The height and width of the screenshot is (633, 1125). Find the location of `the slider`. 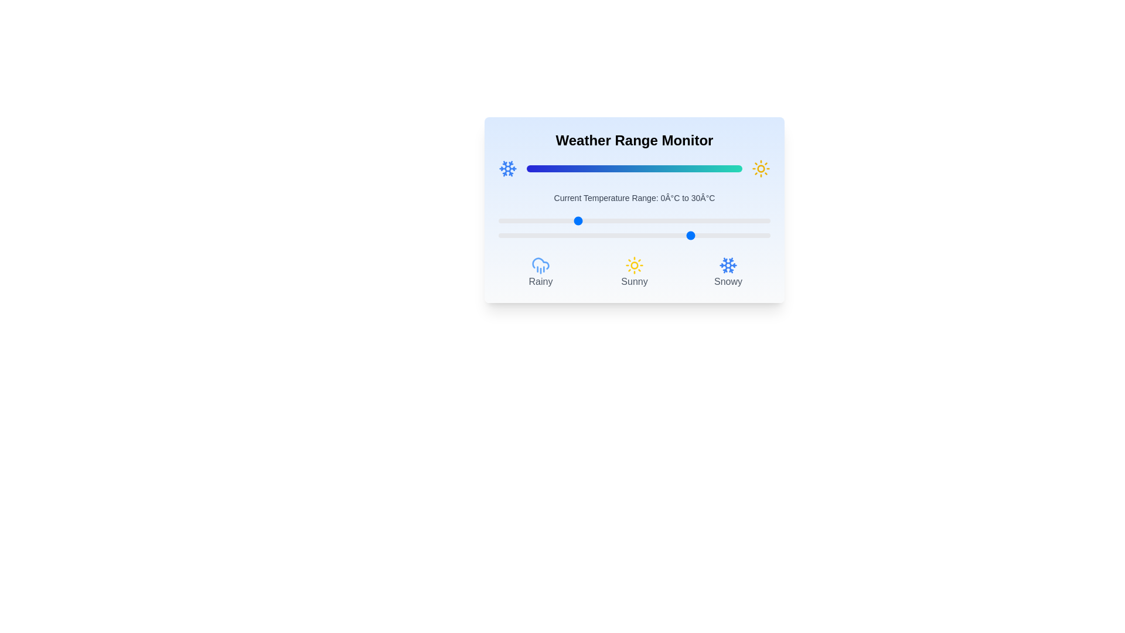

the slider is located at coordinates (742, 221).